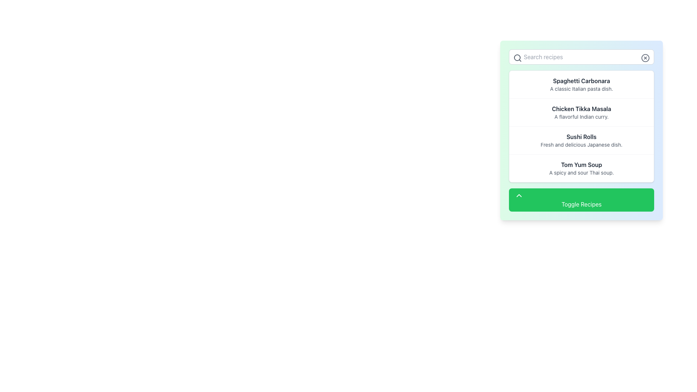 The width and height of the screenshot is (697, 392). Describe the element at coordinates (582, 112) in the screenshot. I see `the Static text component displaying 'Chicken Tikka Masala' and its description 'A flavorful Indian curry', which is the second item in the recipe list` at that location.